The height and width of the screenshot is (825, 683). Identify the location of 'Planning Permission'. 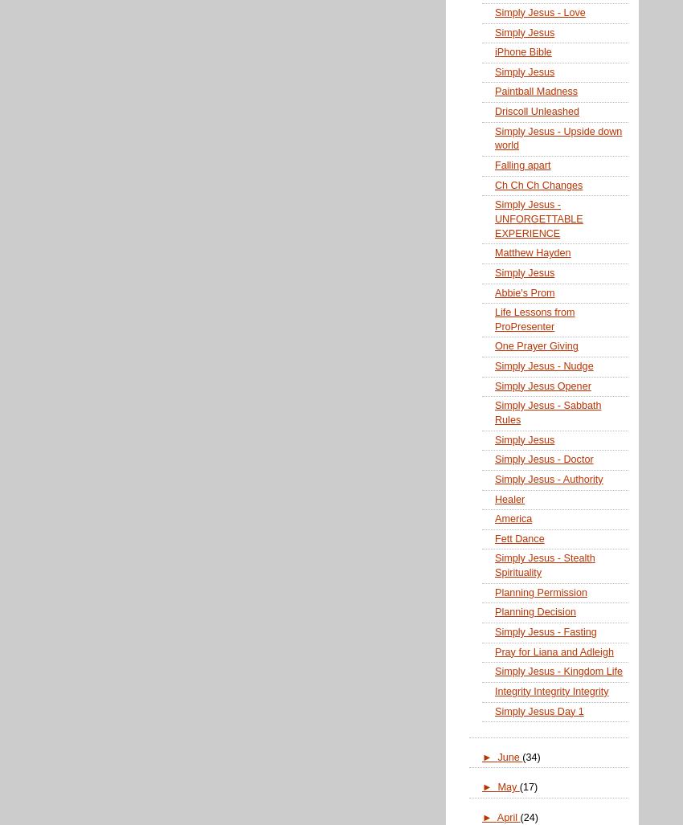
(541, 591).